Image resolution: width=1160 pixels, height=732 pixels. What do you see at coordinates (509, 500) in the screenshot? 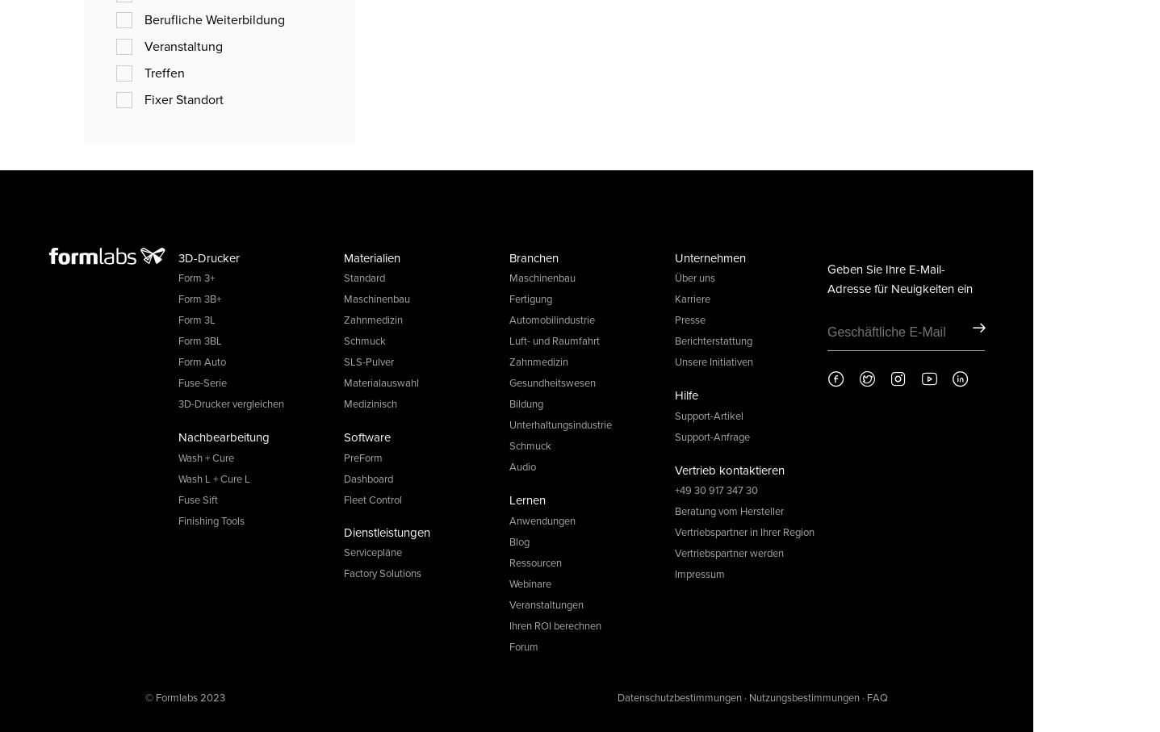
I see `'Lernen'` at bounding box center [509, 500].